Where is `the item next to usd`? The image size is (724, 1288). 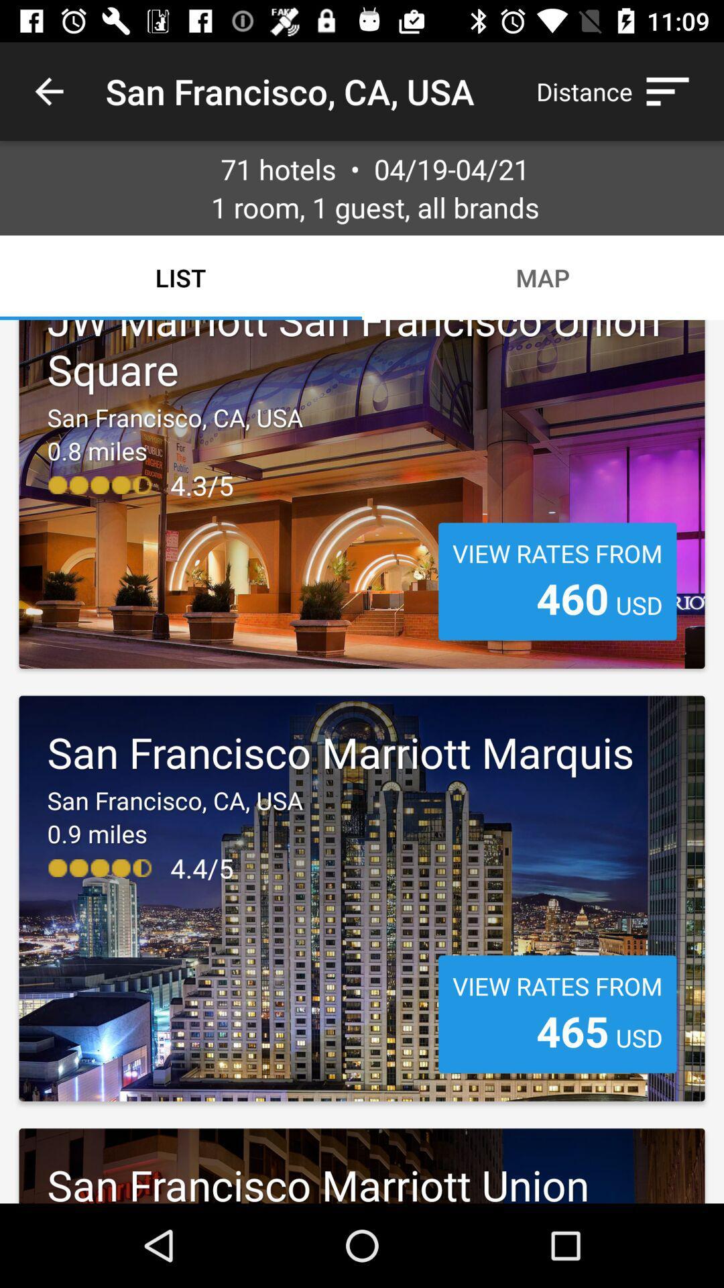
the item next to usd is located at coordinates (572, 1030).